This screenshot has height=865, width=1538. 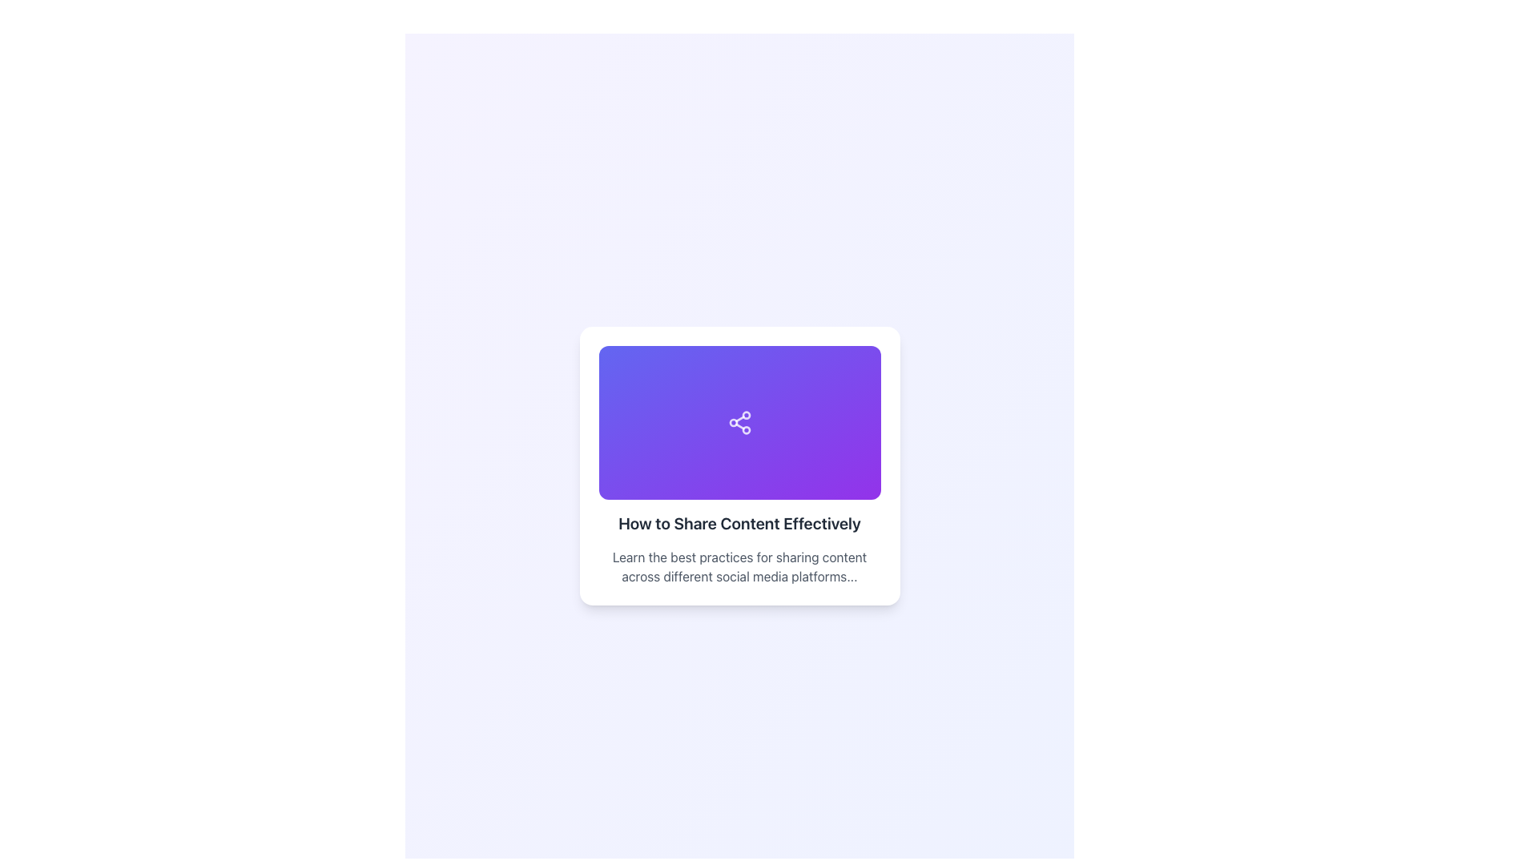 I want to click on text block displaying 'How to Share Content Effectively', which is styled with a larger font size and bold weight, located beneath a purple gradient background area with a share icon, so click(x=739, y=524).